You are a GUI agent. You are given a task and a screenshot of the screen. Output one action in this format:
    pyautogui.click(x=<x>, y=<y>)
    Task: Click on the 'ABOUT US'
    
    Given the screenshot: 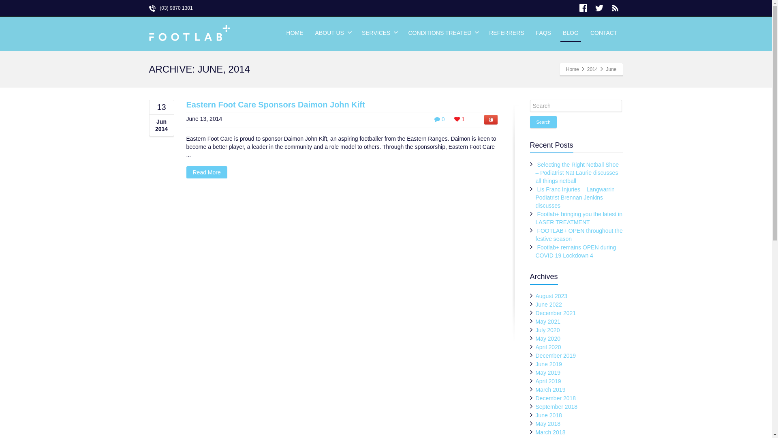 What is the action you would take?
    pyautogui.click(x=332, y=32)
    